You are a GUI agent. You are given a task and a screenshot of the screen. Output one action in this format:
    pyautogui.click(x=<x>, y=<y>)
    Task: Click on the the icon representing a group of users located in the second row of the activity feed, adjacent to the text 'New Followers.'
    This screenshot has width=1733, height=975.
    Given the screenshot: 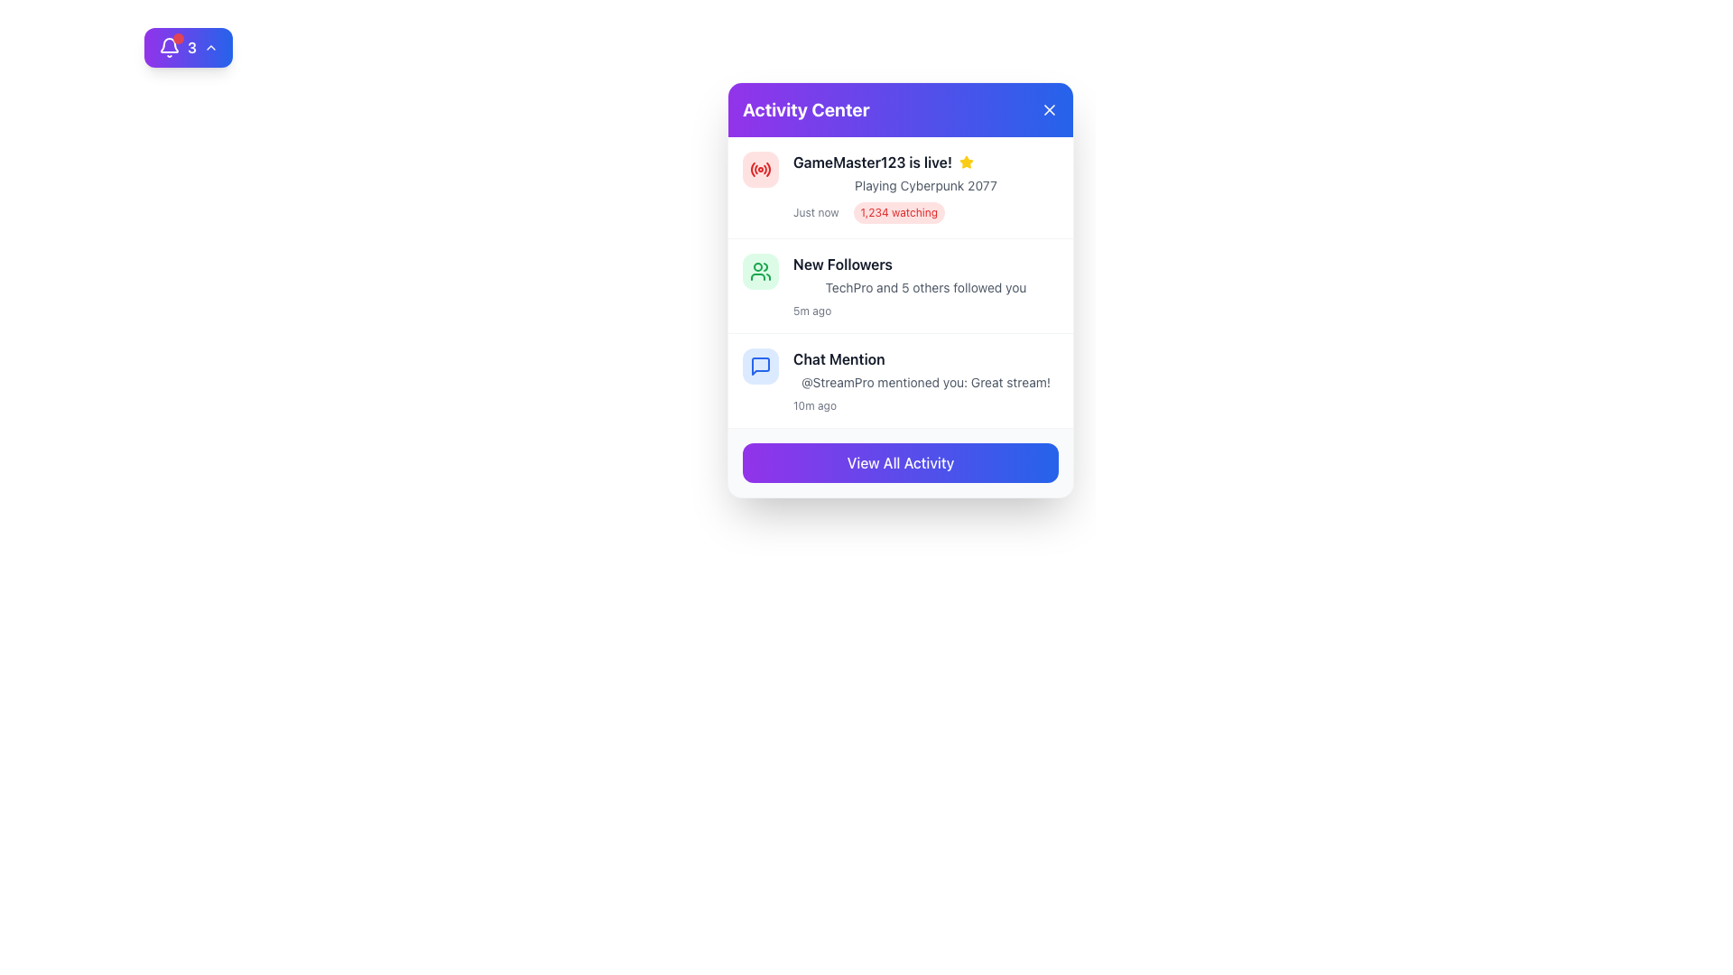 What is the action you would take?
    pyautogui.click(x=761, y=271)
    